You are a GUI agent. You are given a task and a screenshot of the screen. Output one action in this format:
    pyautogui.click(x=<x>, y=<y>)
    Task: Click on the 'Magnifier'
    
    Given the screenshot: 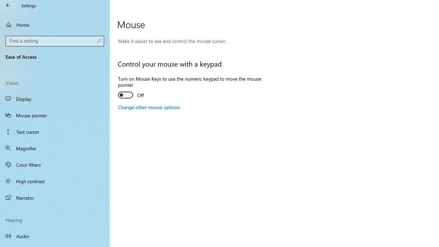 What is the action you would take?
    pyautogui.click(x=55, y=148)
    